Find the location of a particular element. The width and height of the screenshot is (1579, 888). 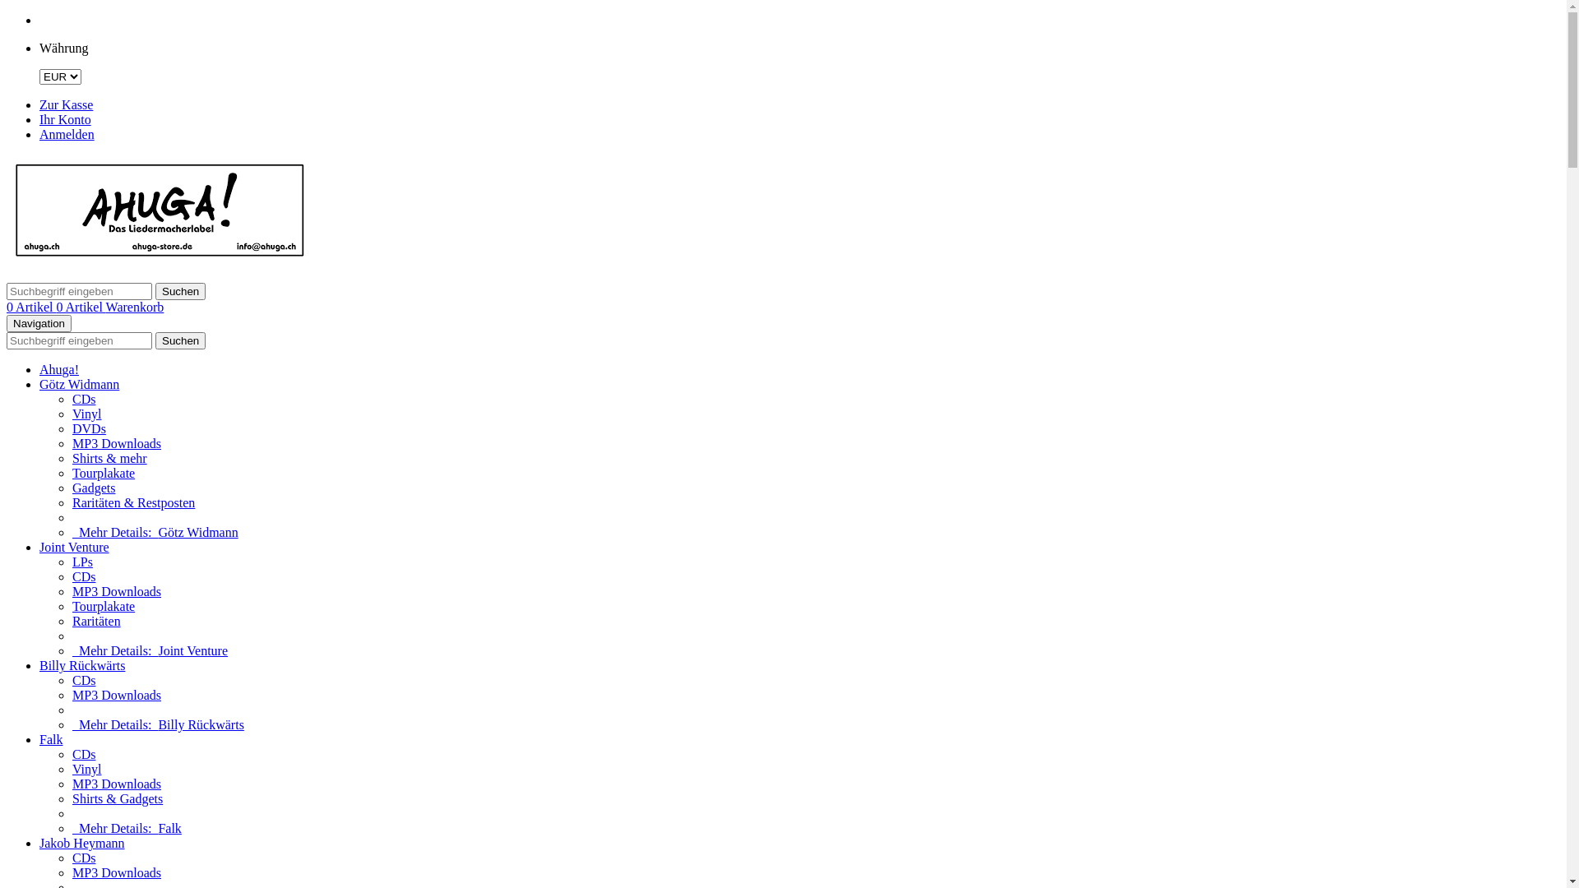

'CDs' is located at coordinates (71, 754).